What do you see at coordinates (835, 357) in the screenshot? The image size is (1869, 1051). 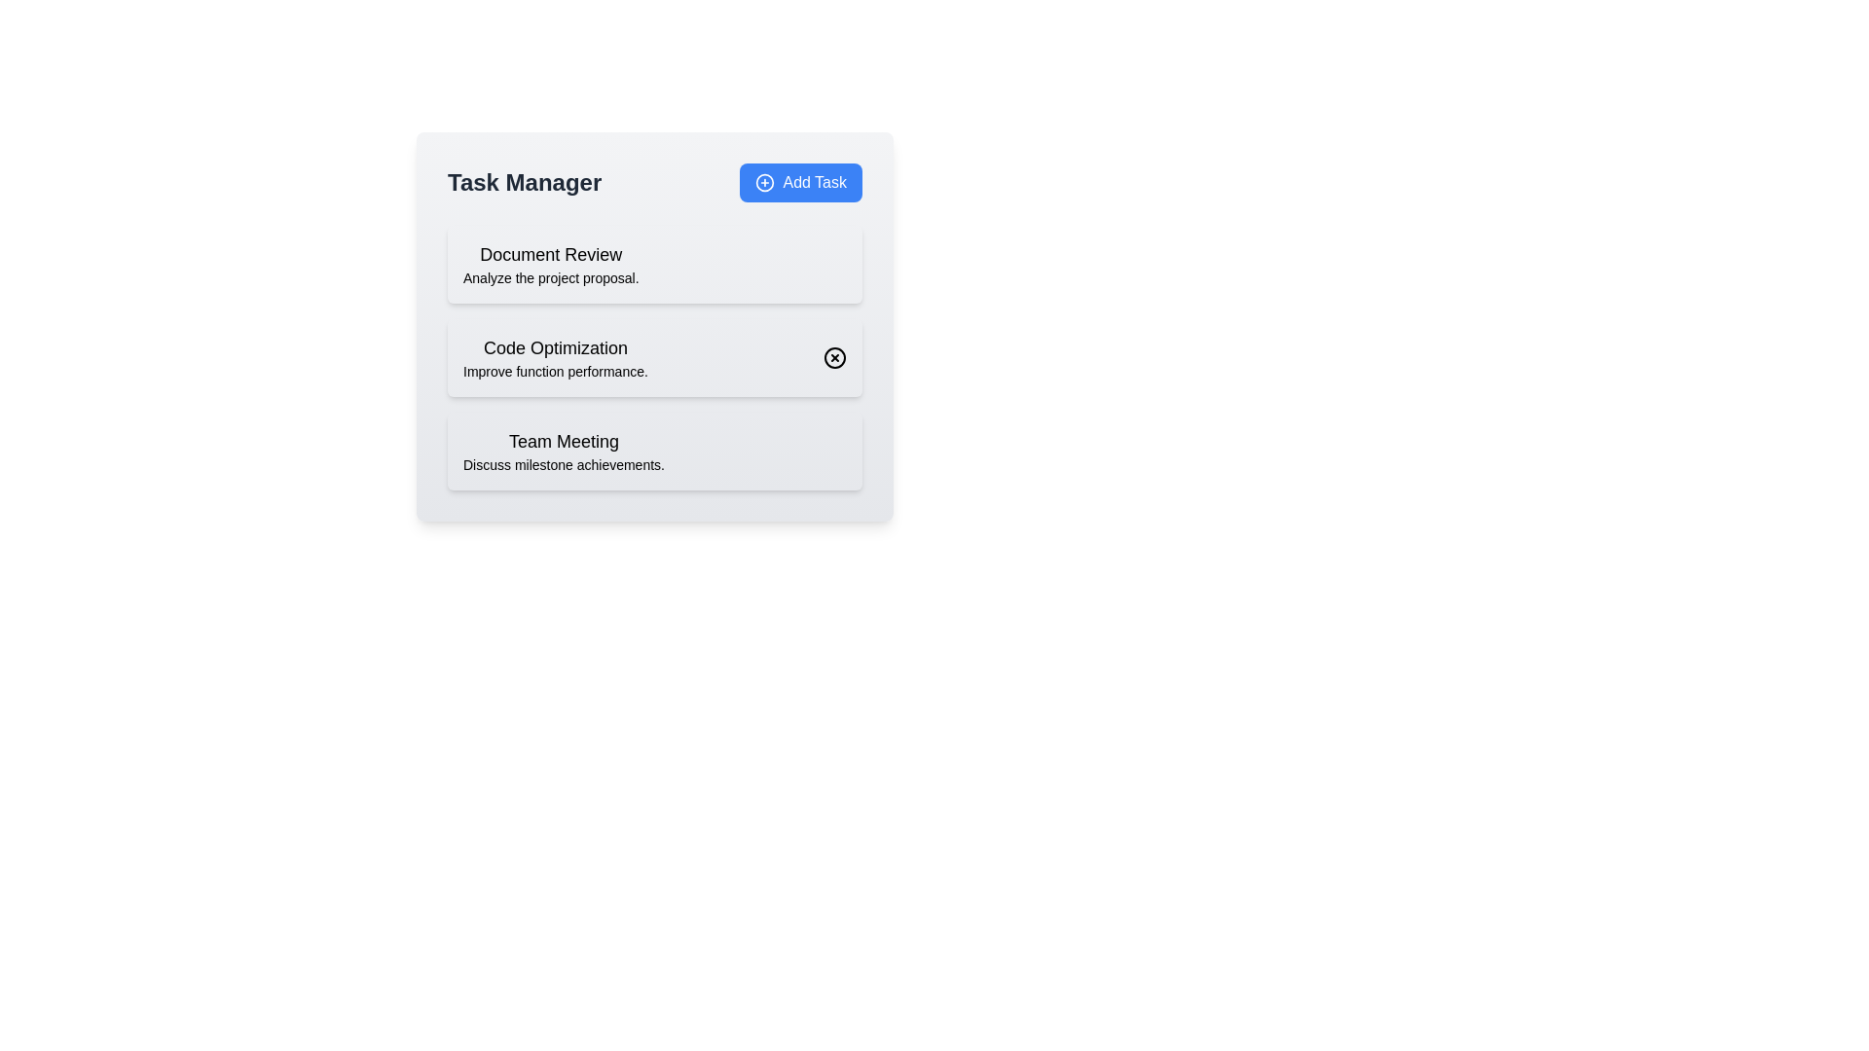 I see `the X icon next to the 'Code Optimization' task to remove it` at bounding box center [835, 357].